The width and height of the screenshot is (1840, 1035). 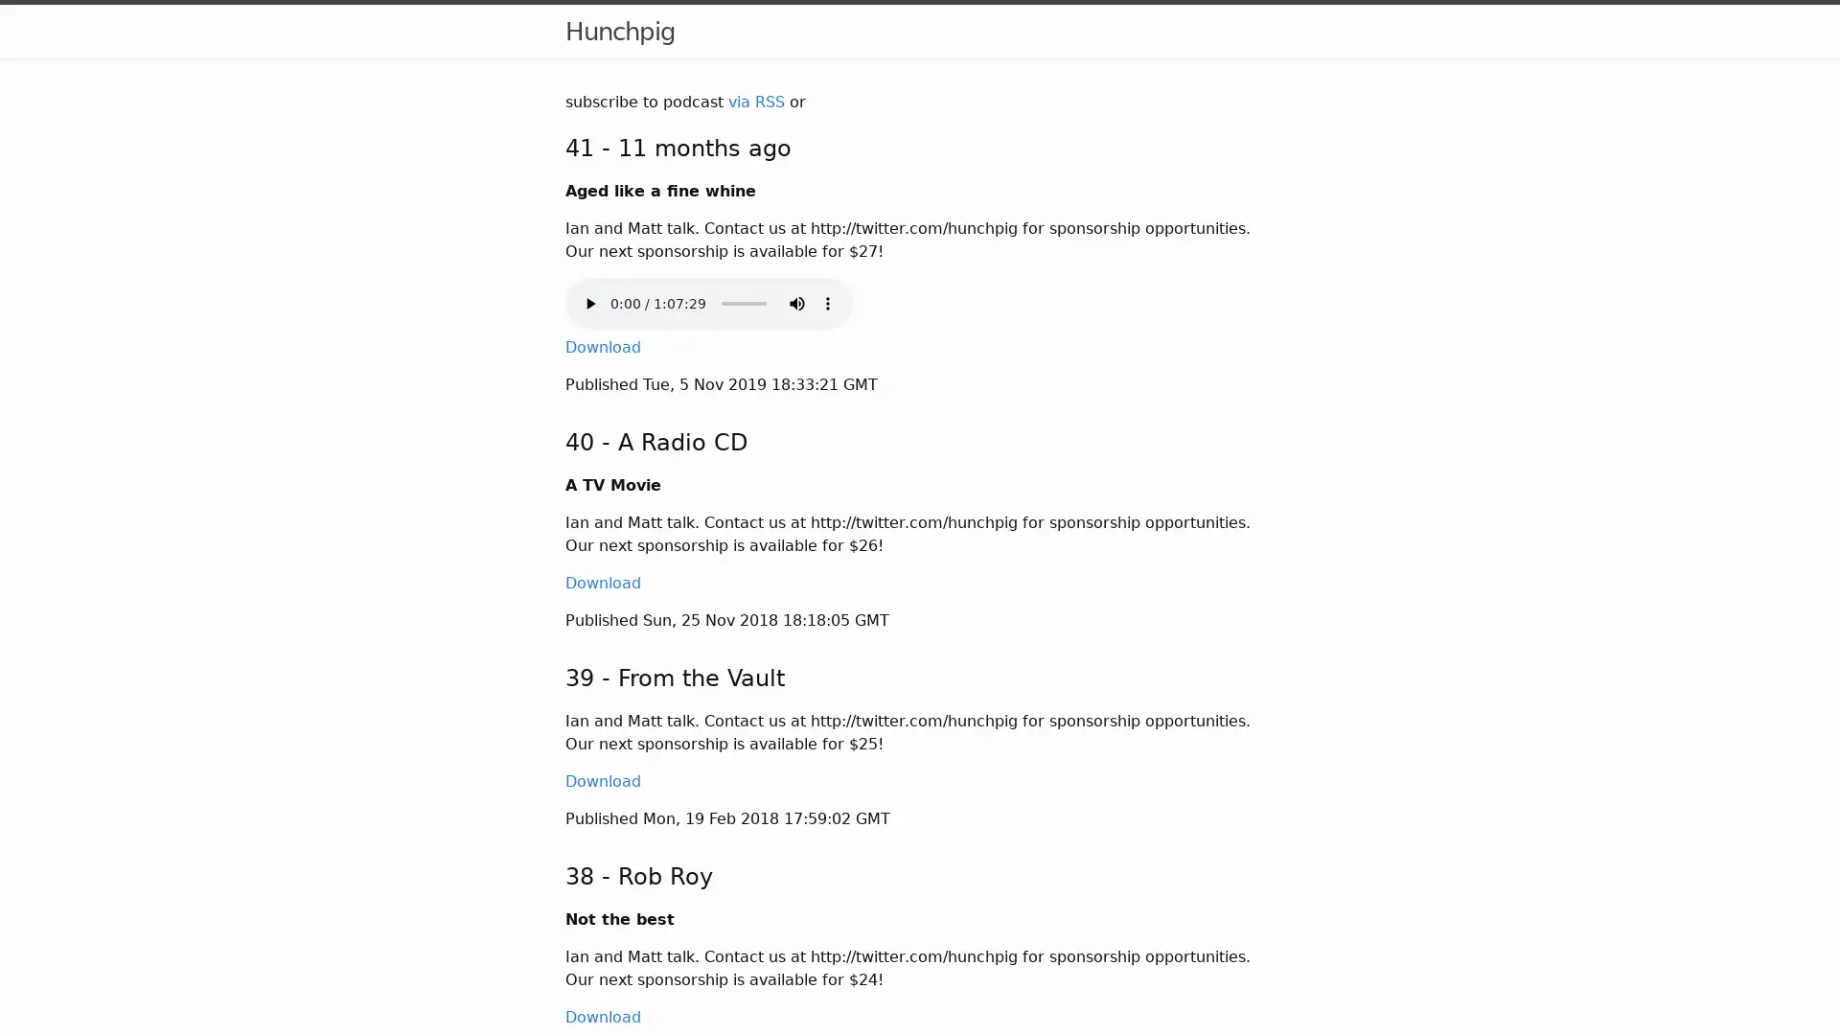 I want to click on show more media controls, so click(x=828, y=302).